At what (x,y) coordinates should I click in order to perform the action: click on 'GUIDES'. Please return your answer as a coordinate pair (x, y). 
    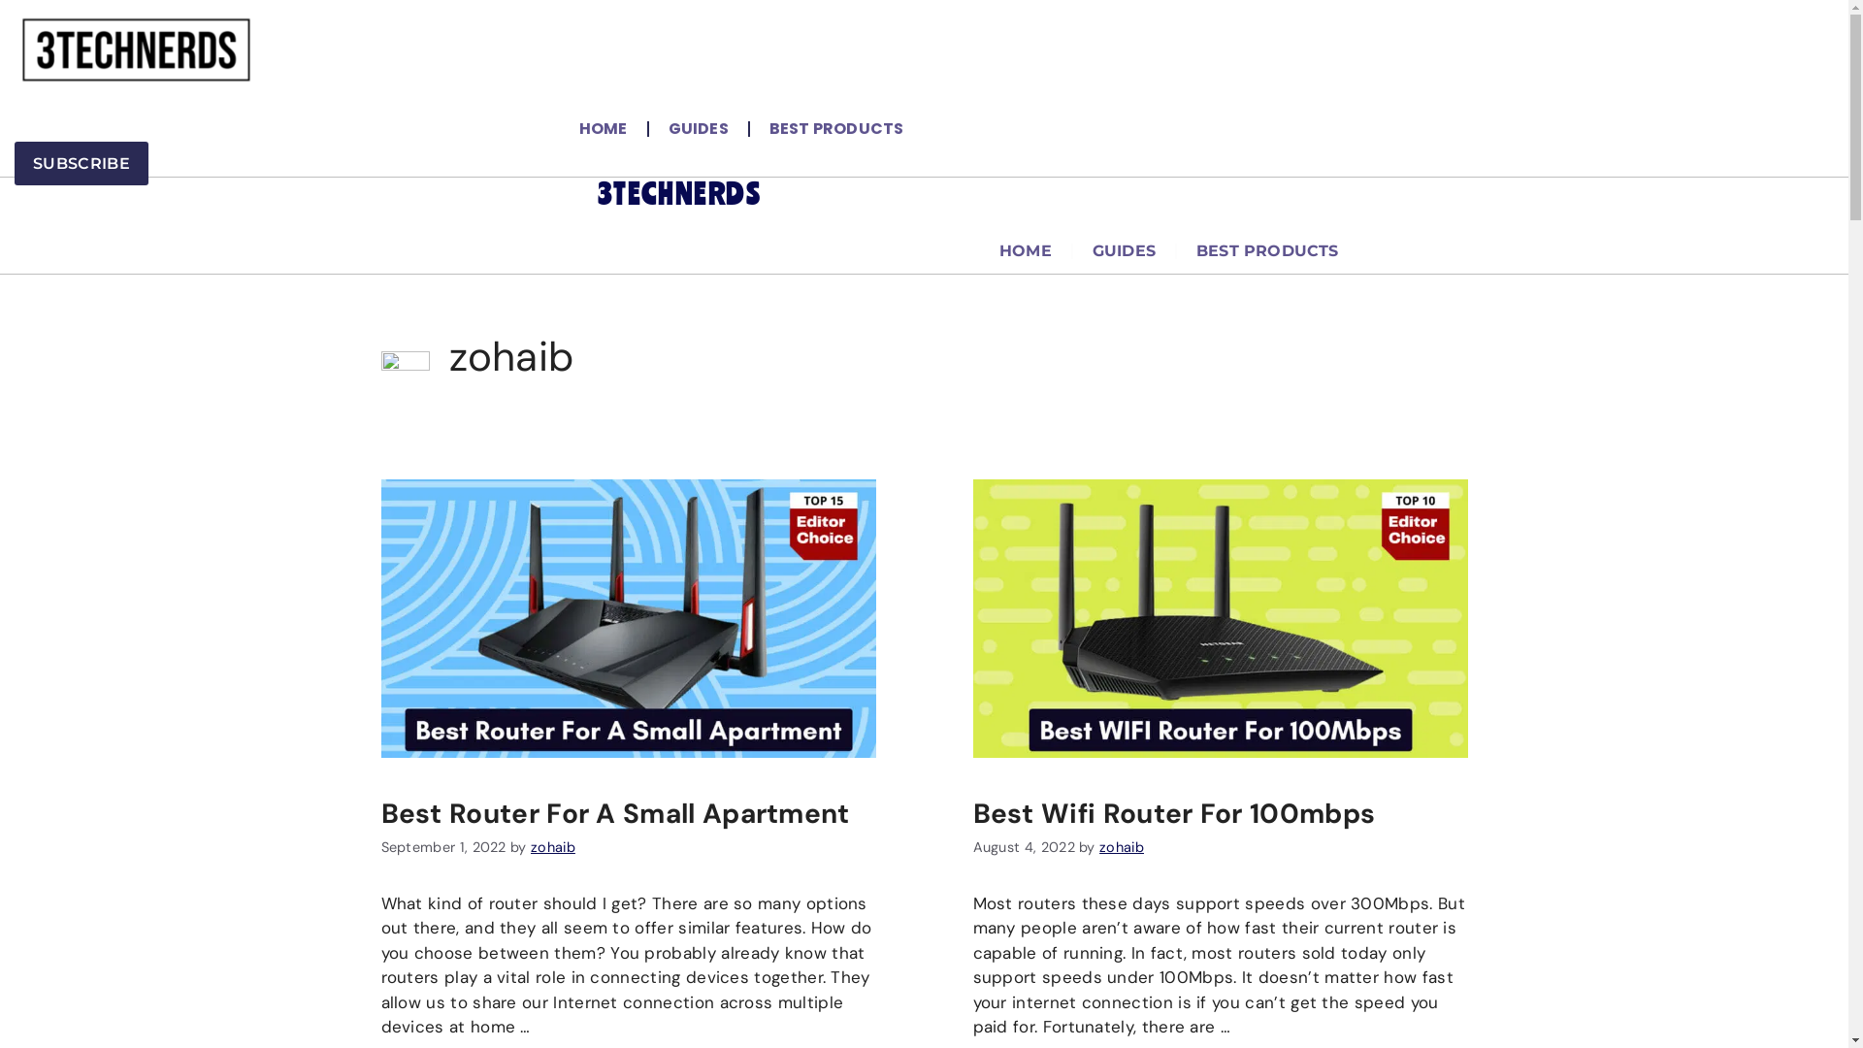
    Looking at the image, I should click on (648, 128).